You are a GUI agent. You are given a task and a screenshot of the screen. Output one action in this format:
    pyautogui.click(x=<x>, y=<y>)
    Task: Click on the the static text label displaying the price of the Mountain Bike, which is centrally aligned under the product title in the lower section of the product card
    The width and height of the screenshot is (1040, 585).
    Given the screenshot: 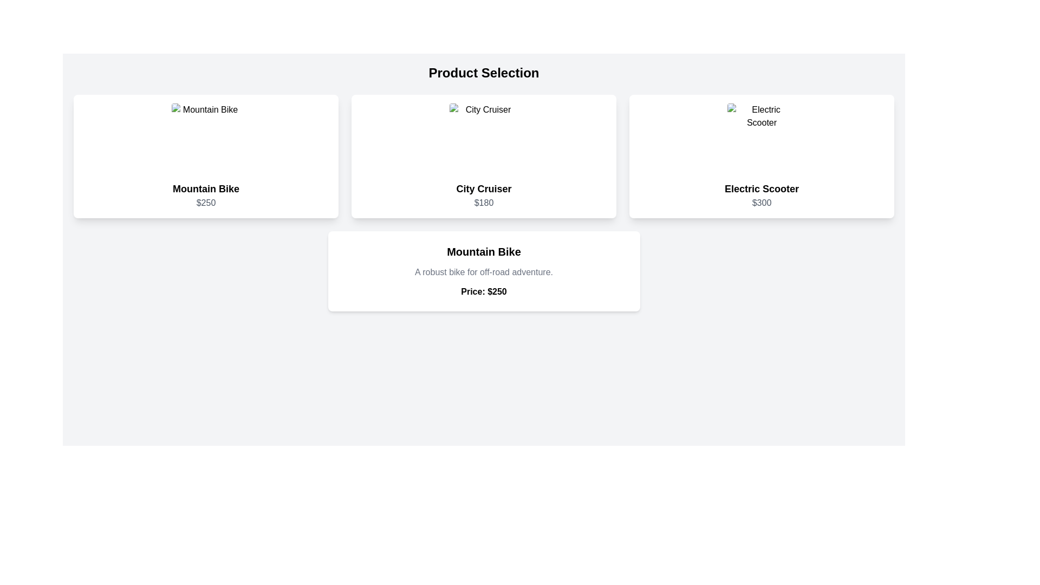 What is the action you would take?
    pyautogui.click(x=206, y=203)
    